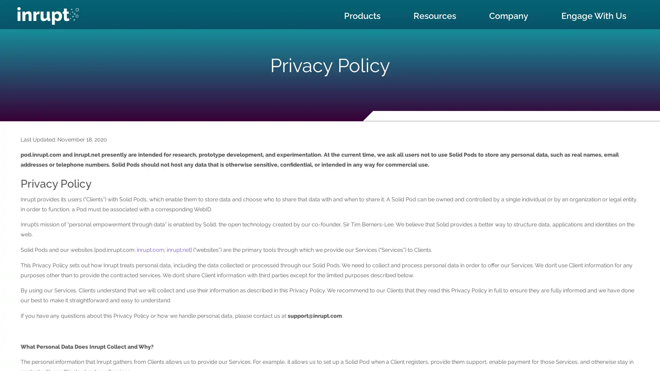  What do you see at coordinates (362, 15) in the screenshot?
I see `Products` at bounding box center [362, 15].